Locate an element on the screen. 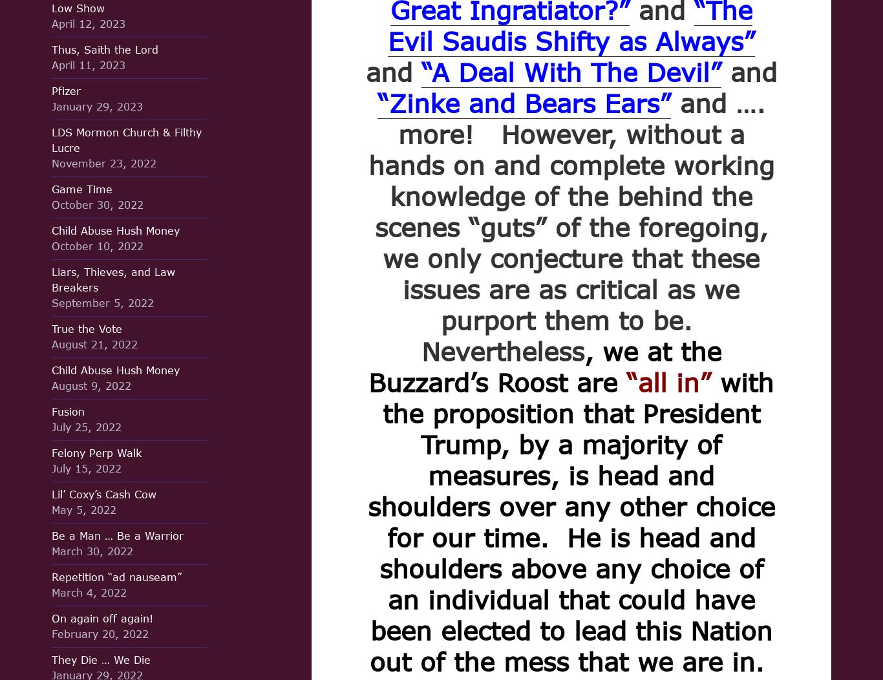 Image resolution: width=883 pixels, height=680 pixels. 'April 11, 2023' is located at coordinates (88, 65).